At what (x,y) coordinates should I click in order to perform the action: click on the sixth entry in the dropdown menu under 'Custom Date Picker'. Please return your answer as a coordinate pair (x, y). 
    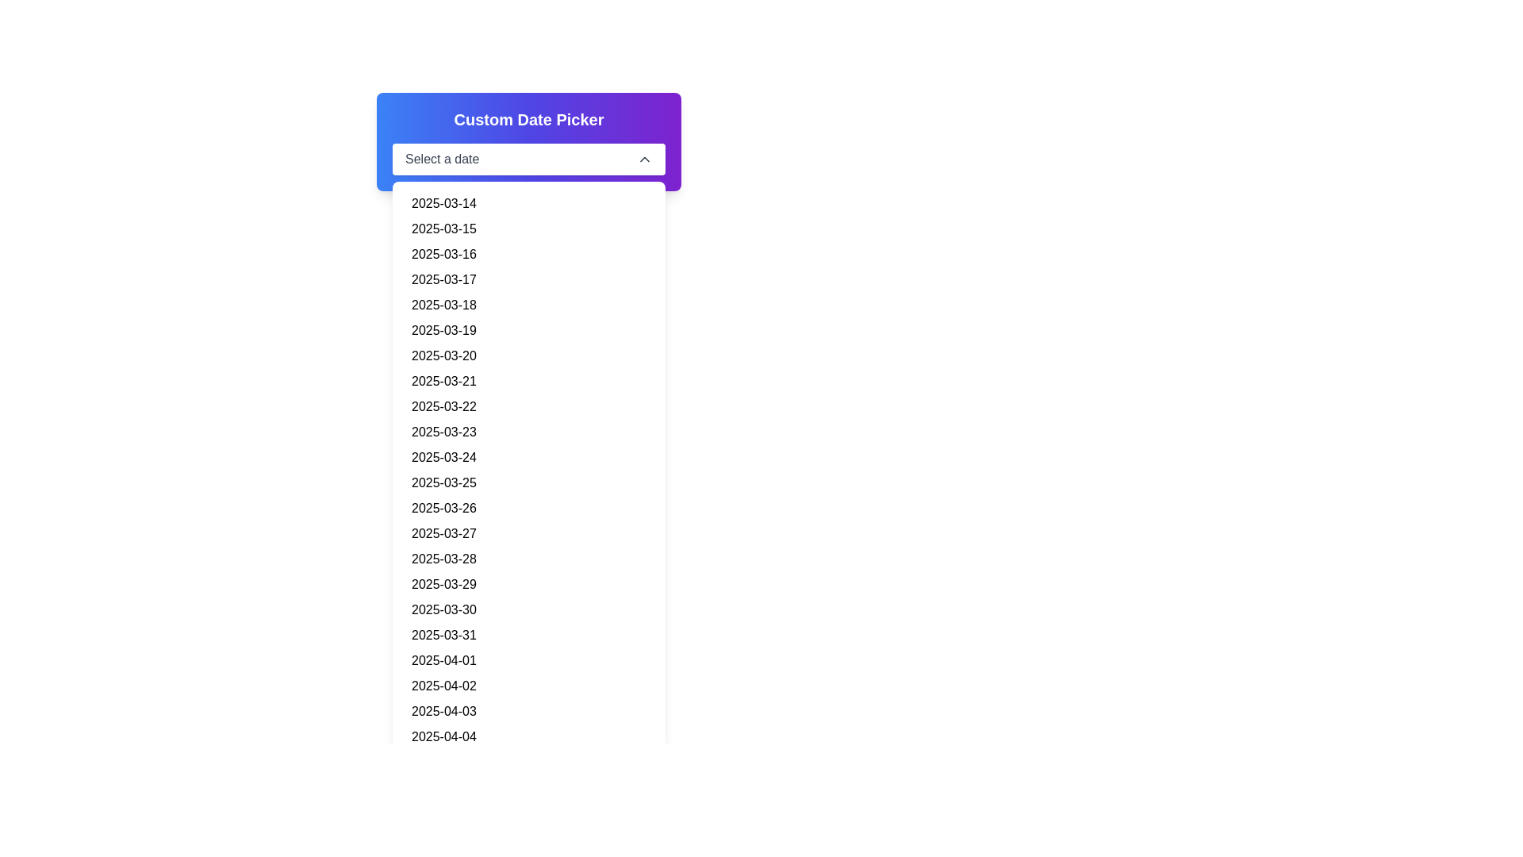
    Looking at the image, I should click on (529, 329).